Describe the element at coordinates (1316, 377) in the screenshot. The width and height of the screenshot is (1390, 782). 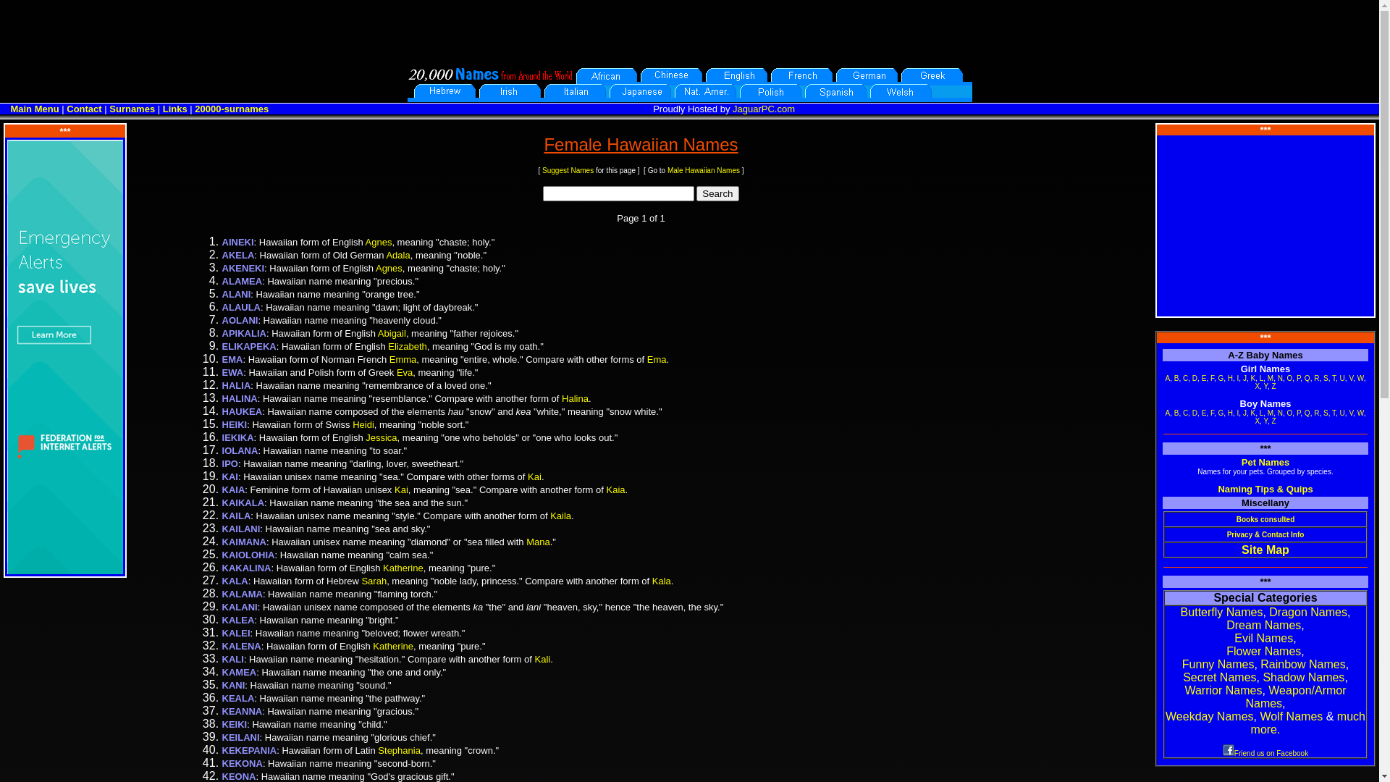
I see `'R'` at that location.